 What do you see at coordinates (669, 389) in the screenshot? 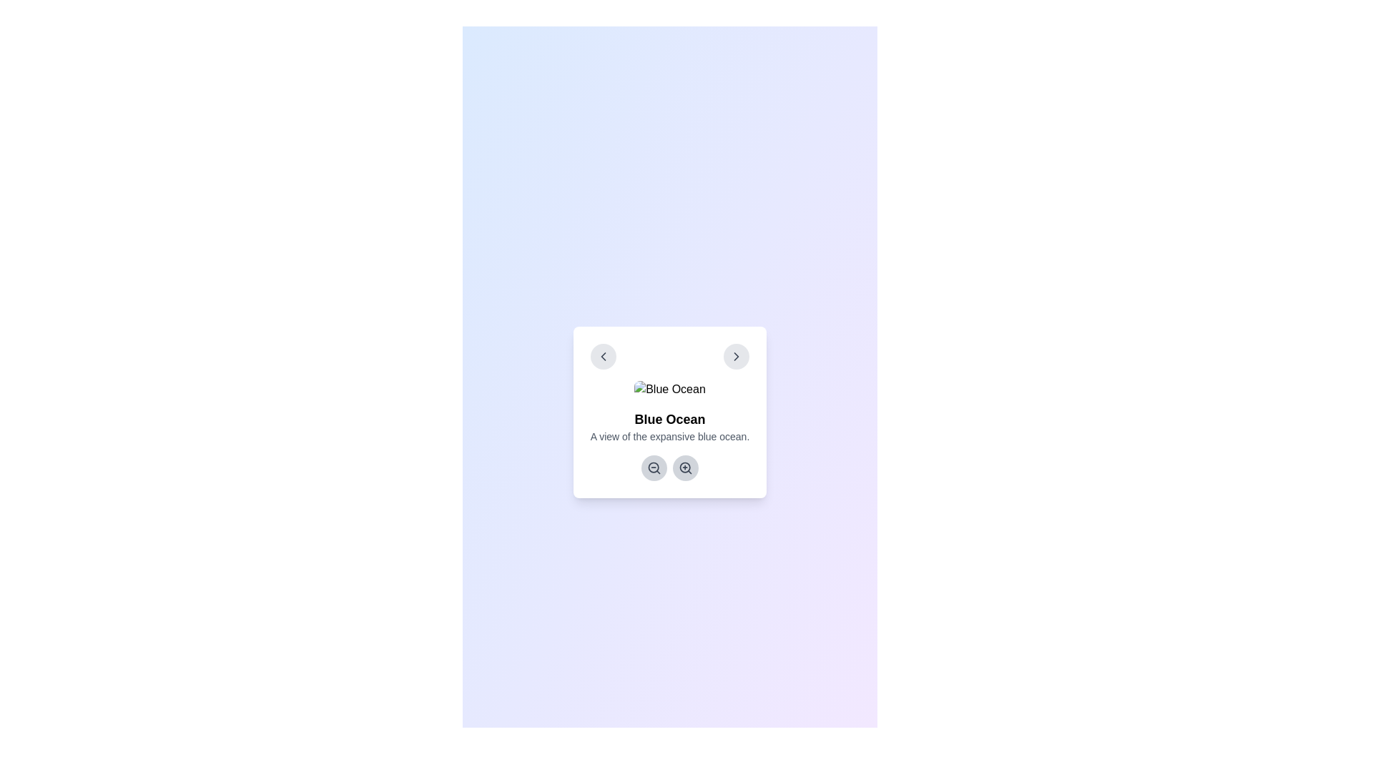
I see `the 'Blue Ocean' image placeholder` at bounding box center [669, 389].